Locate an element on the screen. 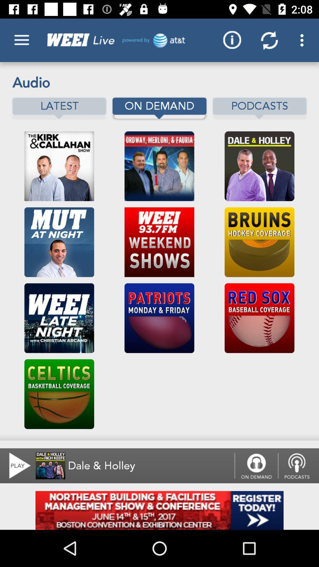 This screenshot has height=567, width=319. the second button from top right corner is located at coordinates (269, 40).